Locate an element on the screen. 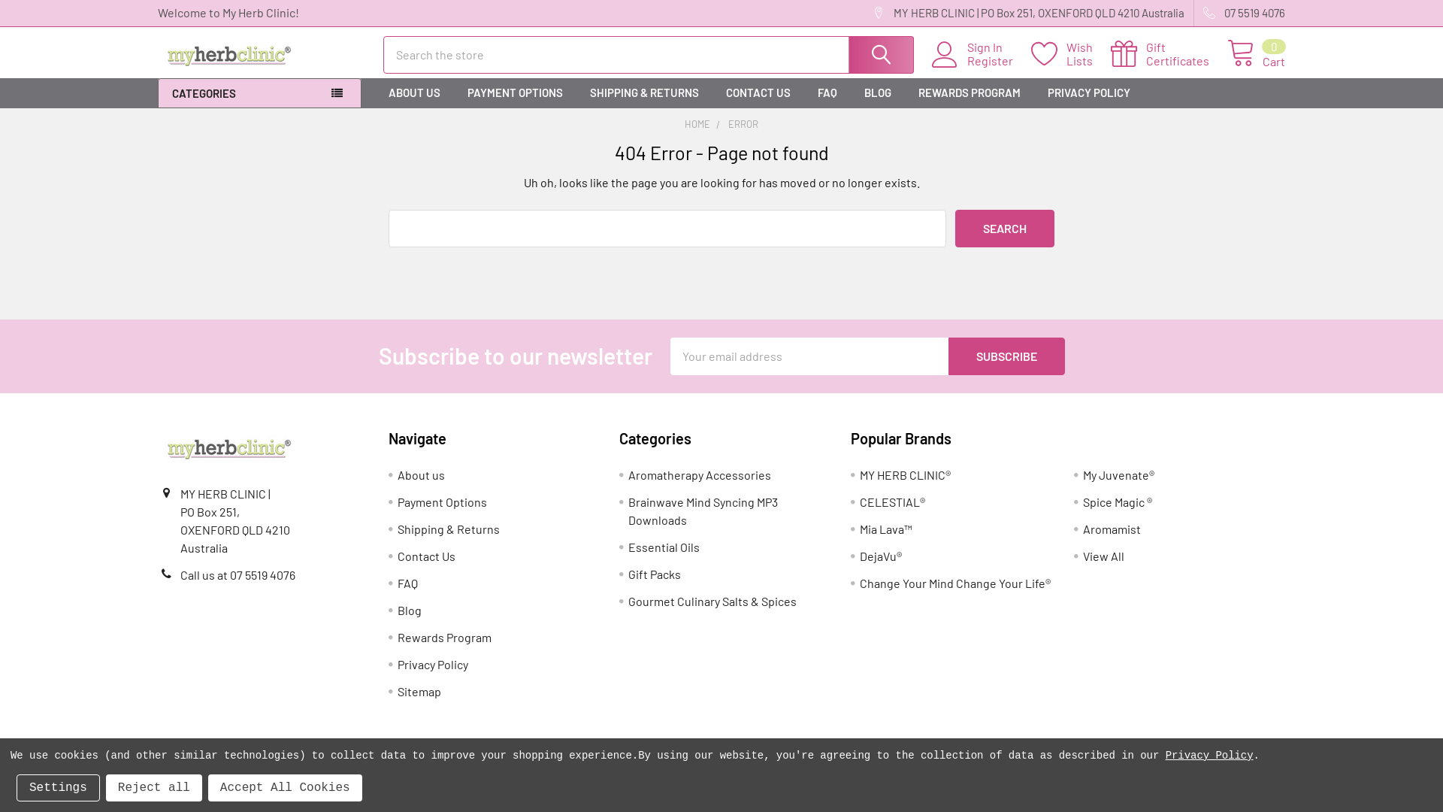  'Papathemes' is located at coordinates (558, 776).